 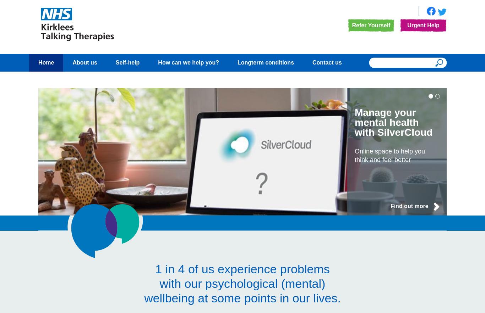 I want to click on 'Home', so click(x=46, y=62).